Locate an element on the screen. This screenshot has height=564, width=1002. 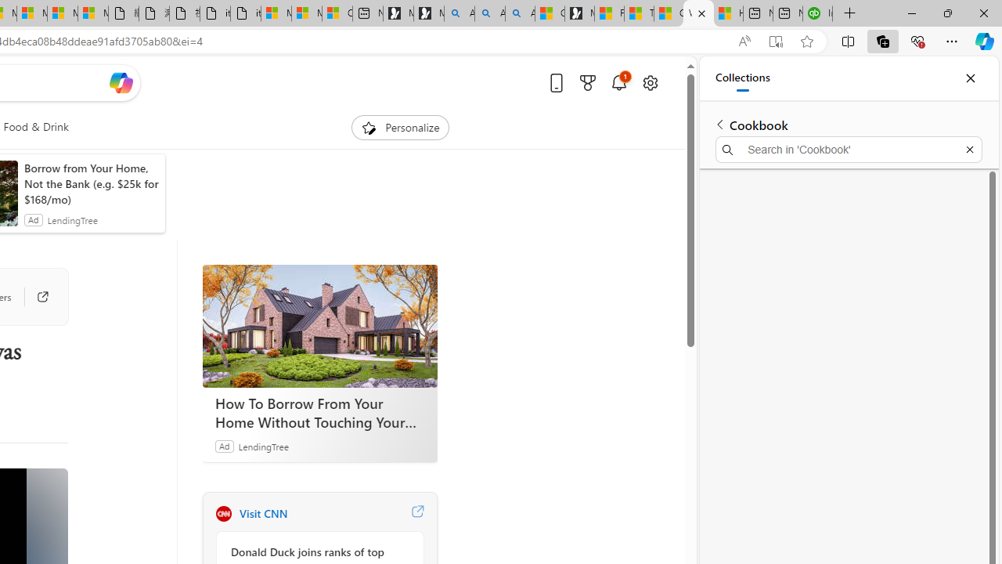
'Visit CNN website' is located at coordinates (417, 513).